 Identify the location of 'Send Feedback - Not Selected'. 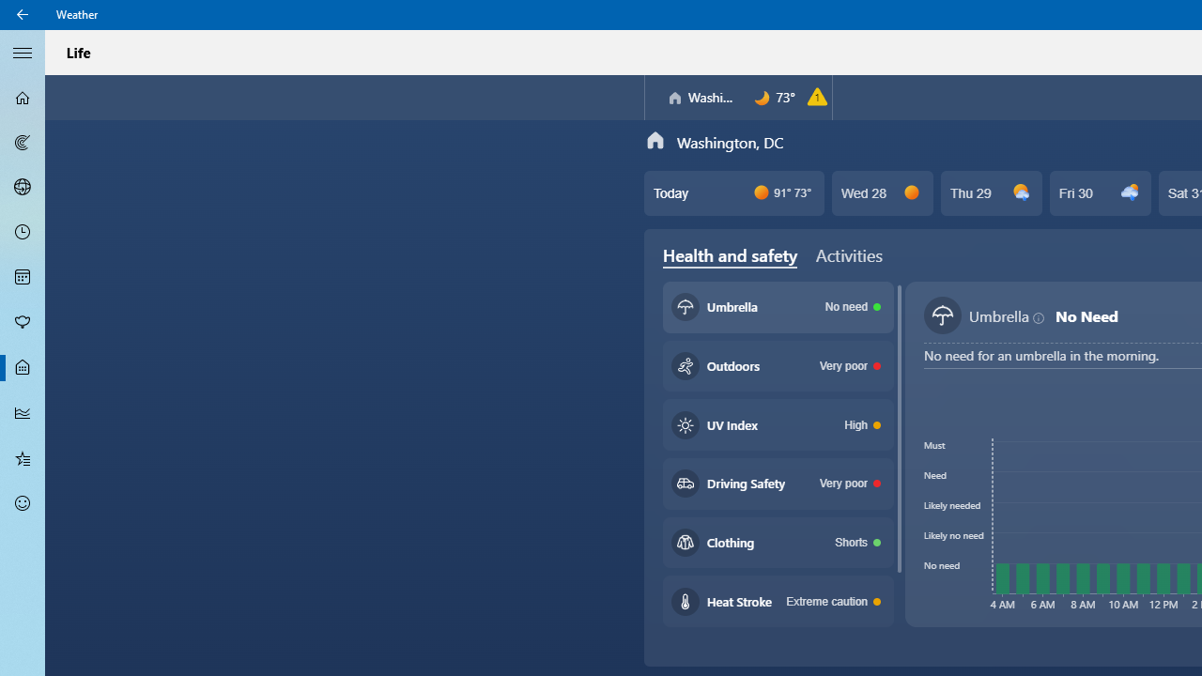
(23, 502).